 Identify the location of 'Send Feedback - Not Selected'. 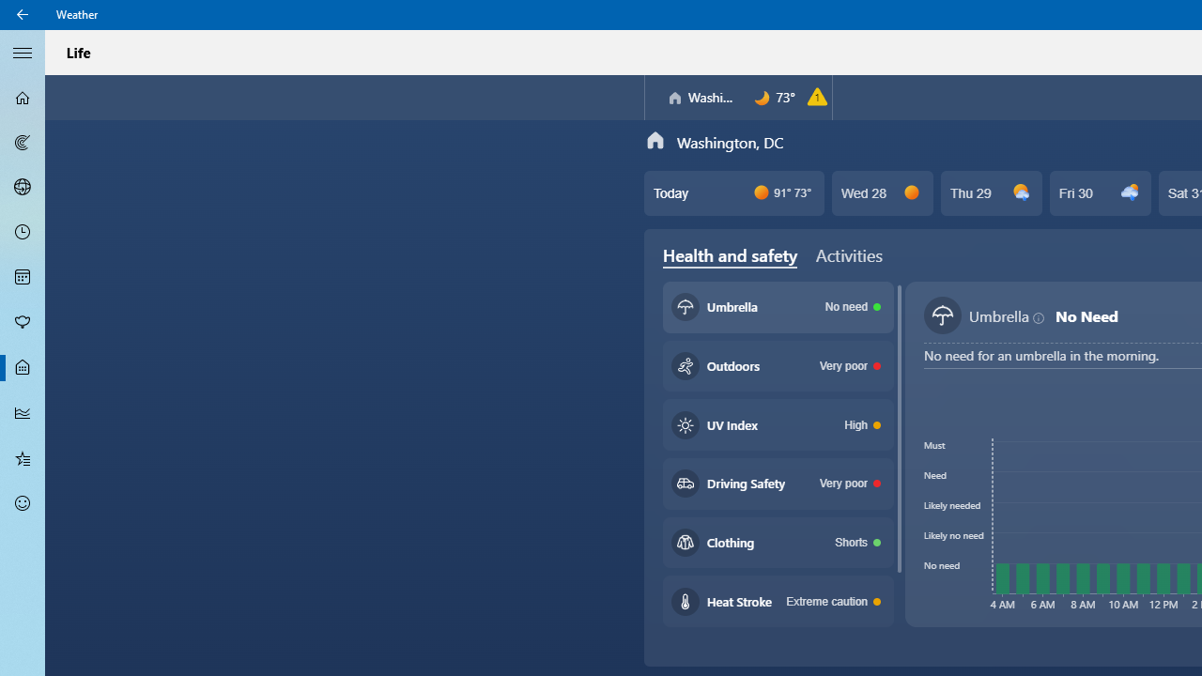
(23, 502).